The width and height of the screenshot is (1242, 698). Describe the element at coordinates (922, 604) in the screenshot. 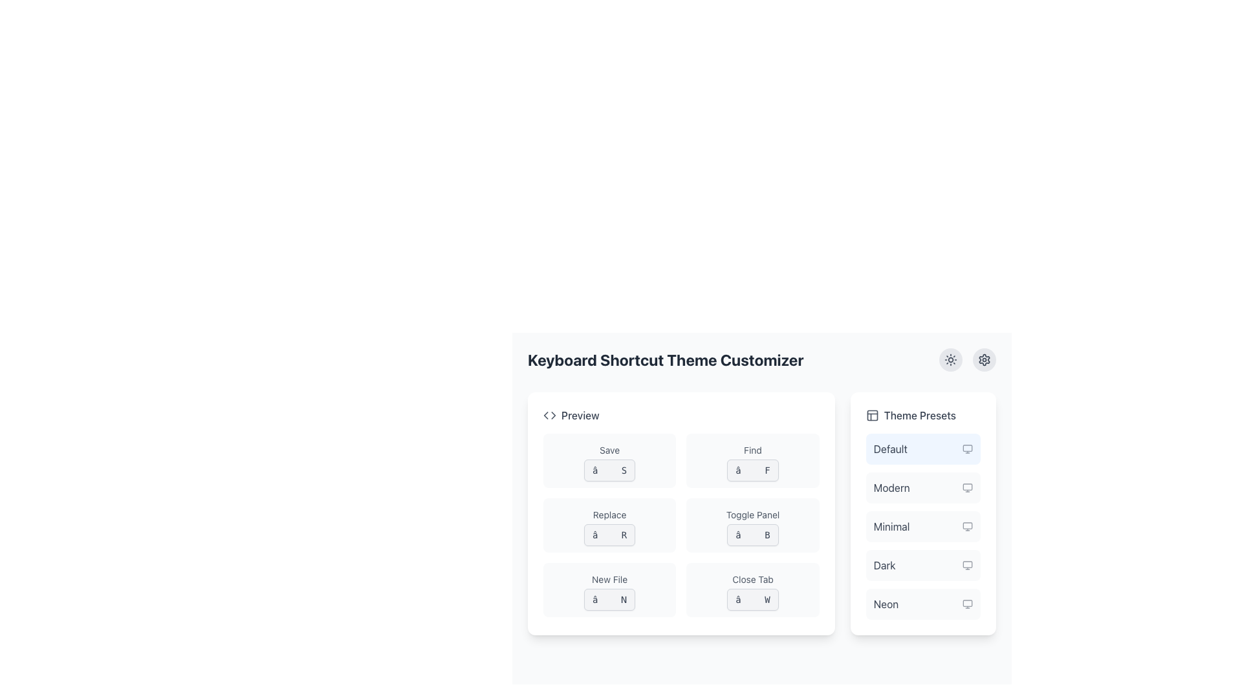

I see `the 'Neon' theme configuration selectable list item located in the 'Theme Presets' section at the rightmost column, which is the lowest option beneath the 'Dark' preset` at that location.